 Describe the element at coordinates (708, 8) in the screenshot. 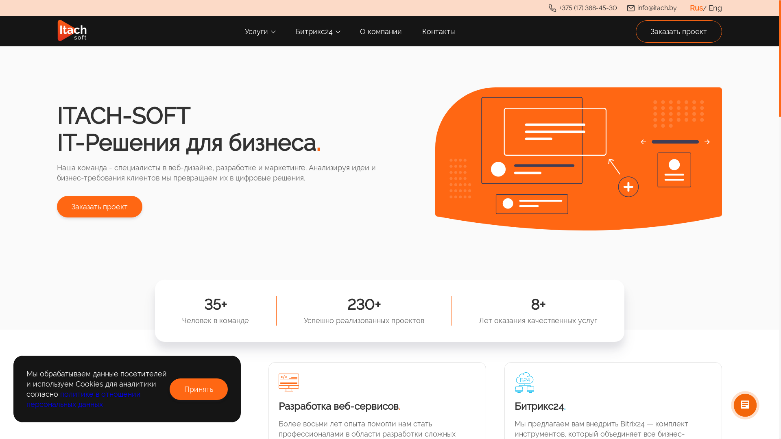

I see `'Eng'` at that location.